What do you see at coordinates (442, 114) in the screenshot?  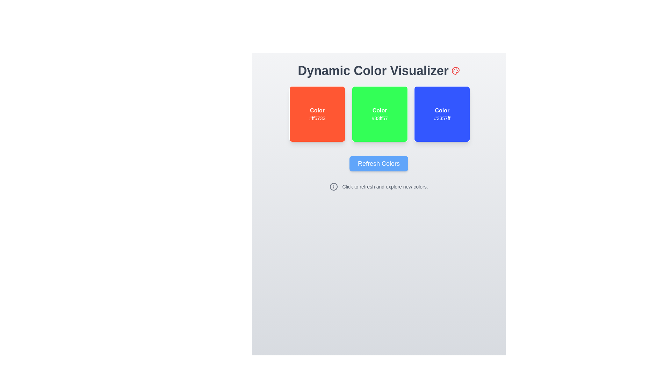 I see `the Color display block button, which is a square button with a vibrant blue background and features the text 'Color' and '#3357FF'` at bounding box center [442, 114].